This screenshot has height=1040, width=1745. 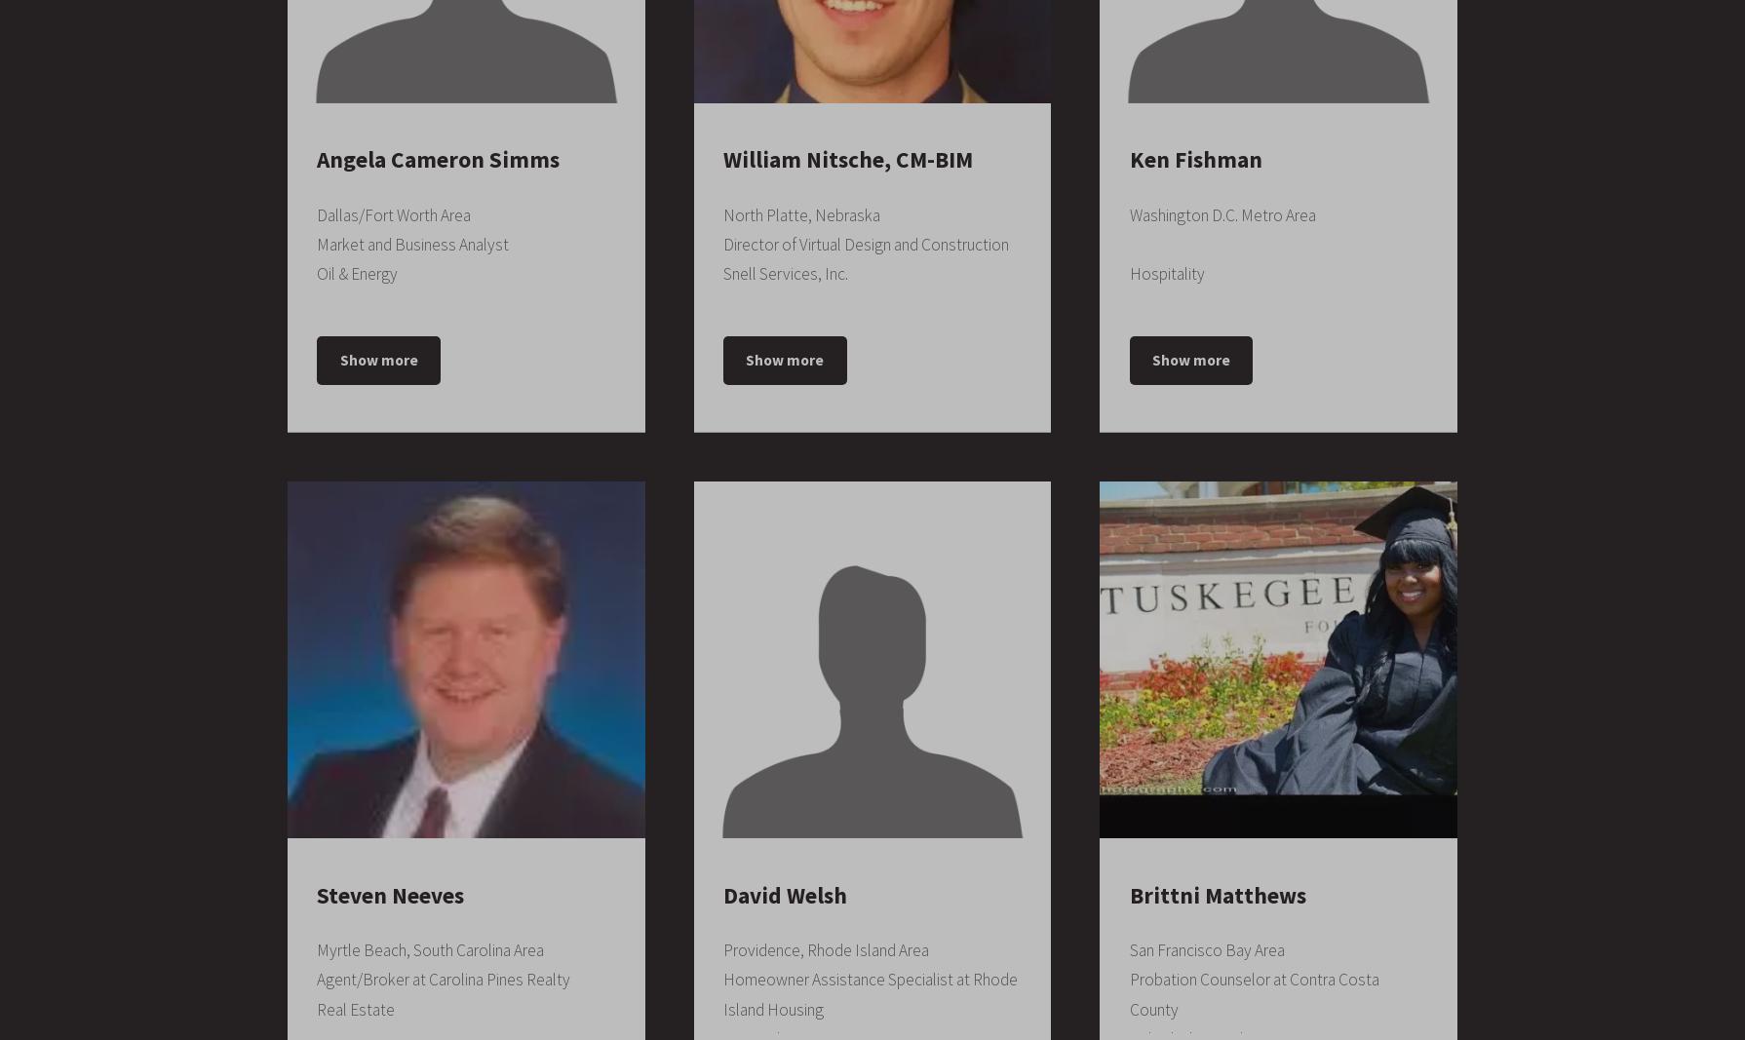 I want to click on 'May 2010 – May 2011', so click(x=868, y=40).